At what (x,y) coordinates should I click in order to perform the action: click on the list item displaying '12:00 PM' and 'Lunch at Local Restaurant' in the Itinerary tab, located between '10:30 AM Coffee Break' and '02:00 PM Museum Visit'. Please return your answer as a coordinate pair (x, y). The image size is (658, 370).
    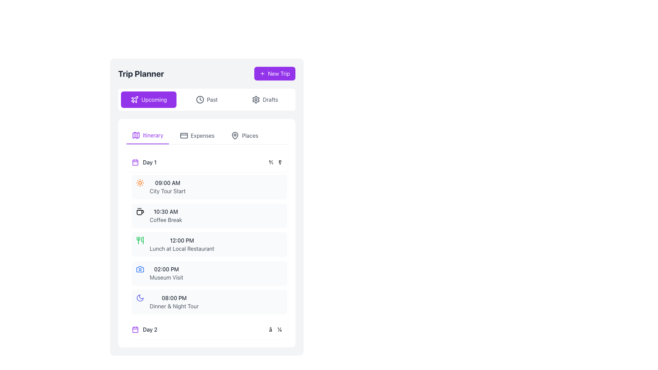
    Looking at the image, I should click on (182, 244).